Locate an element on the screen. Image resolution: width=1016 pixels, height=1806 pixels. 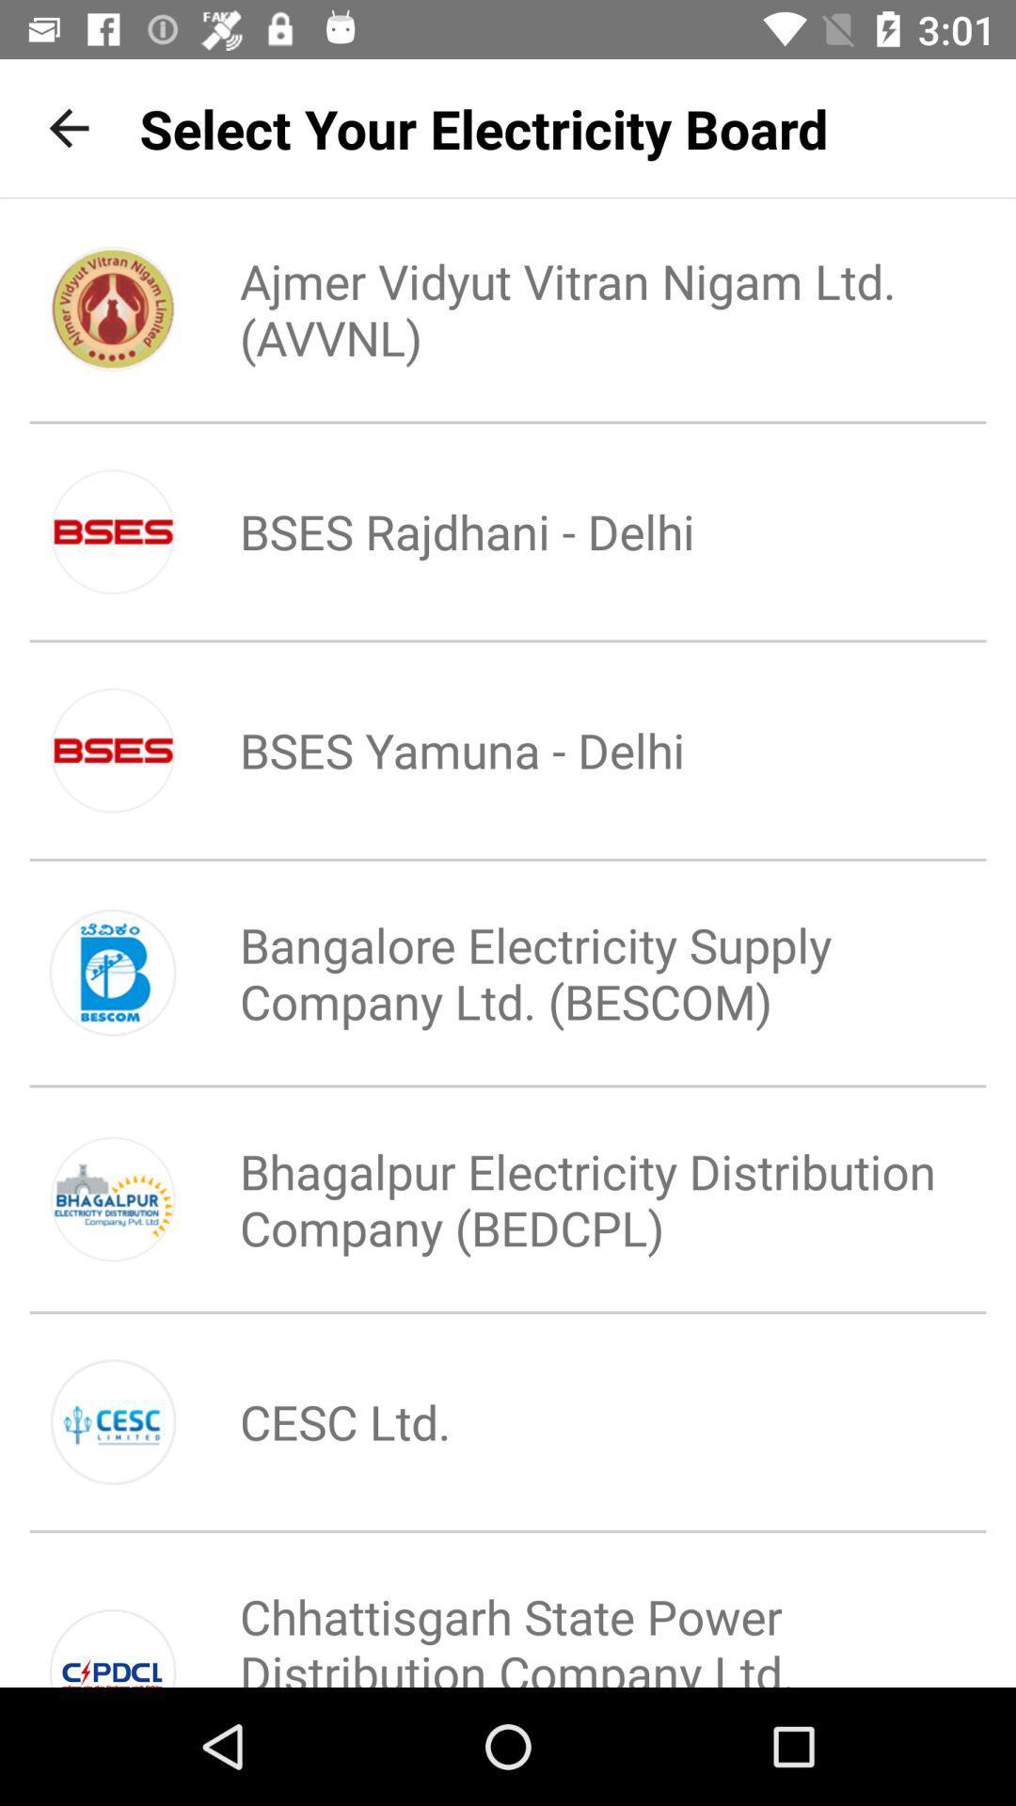
icon below bangalore electricity supply is located at coordinates (570, 1198).